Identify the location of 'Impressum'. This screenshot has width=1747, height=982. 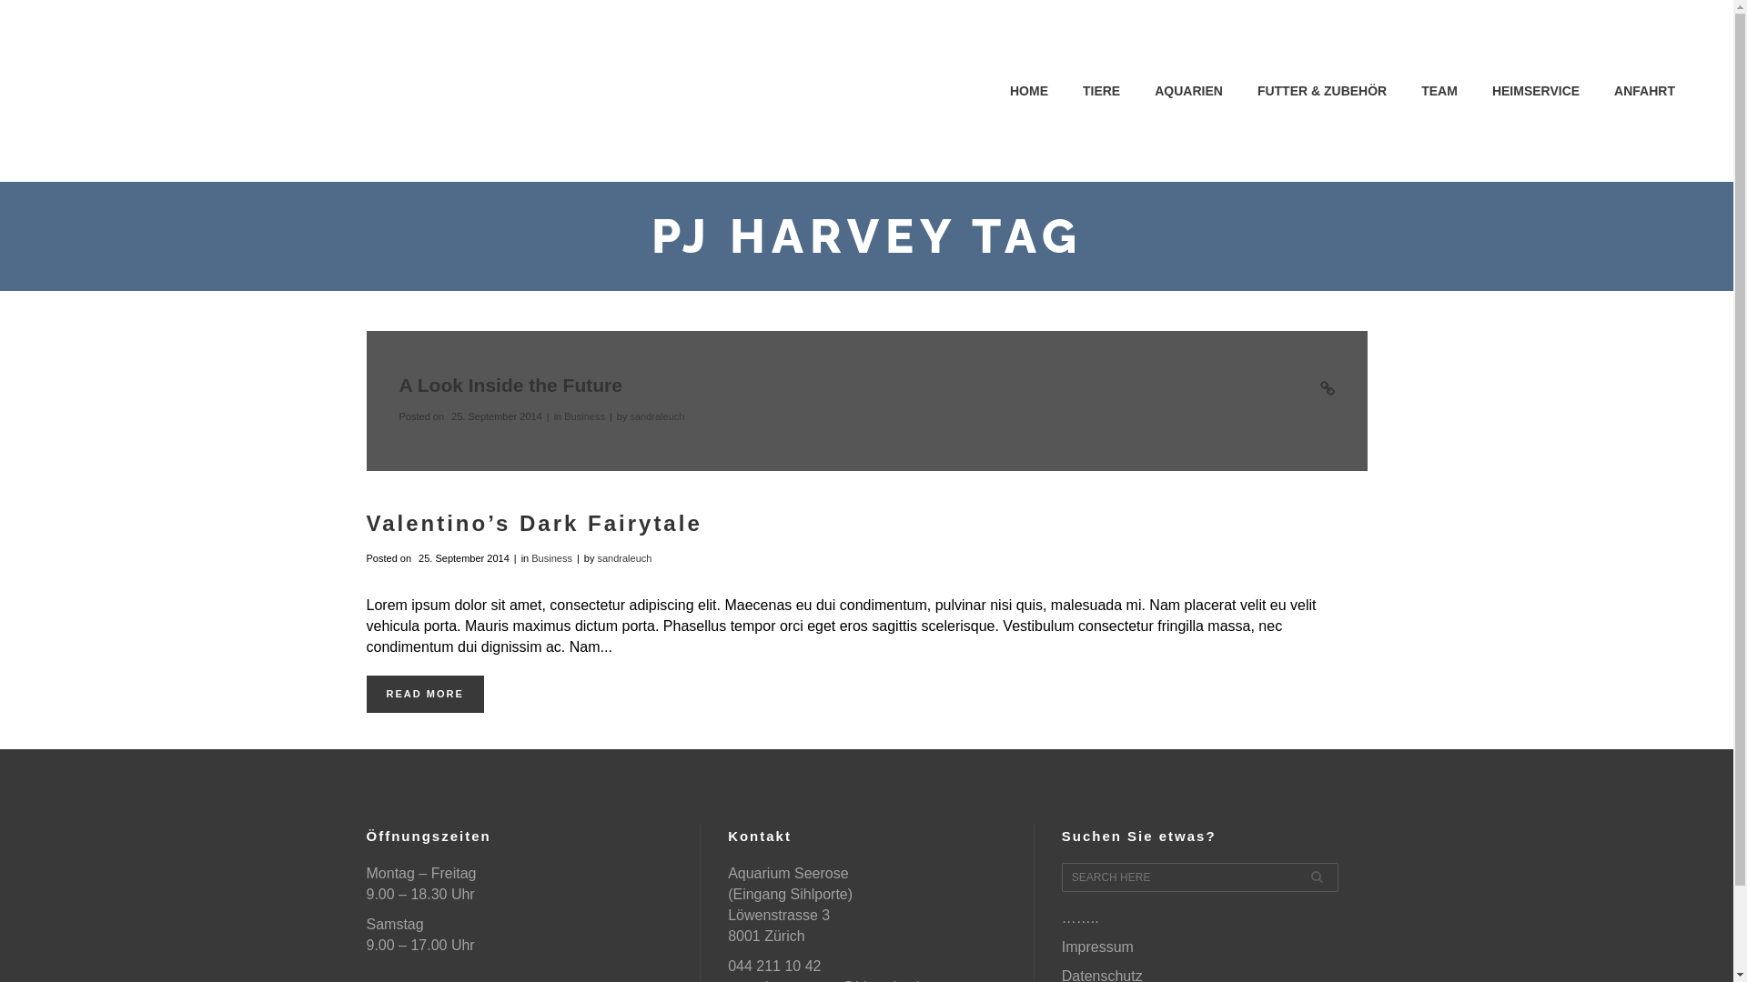
(1061, 946).